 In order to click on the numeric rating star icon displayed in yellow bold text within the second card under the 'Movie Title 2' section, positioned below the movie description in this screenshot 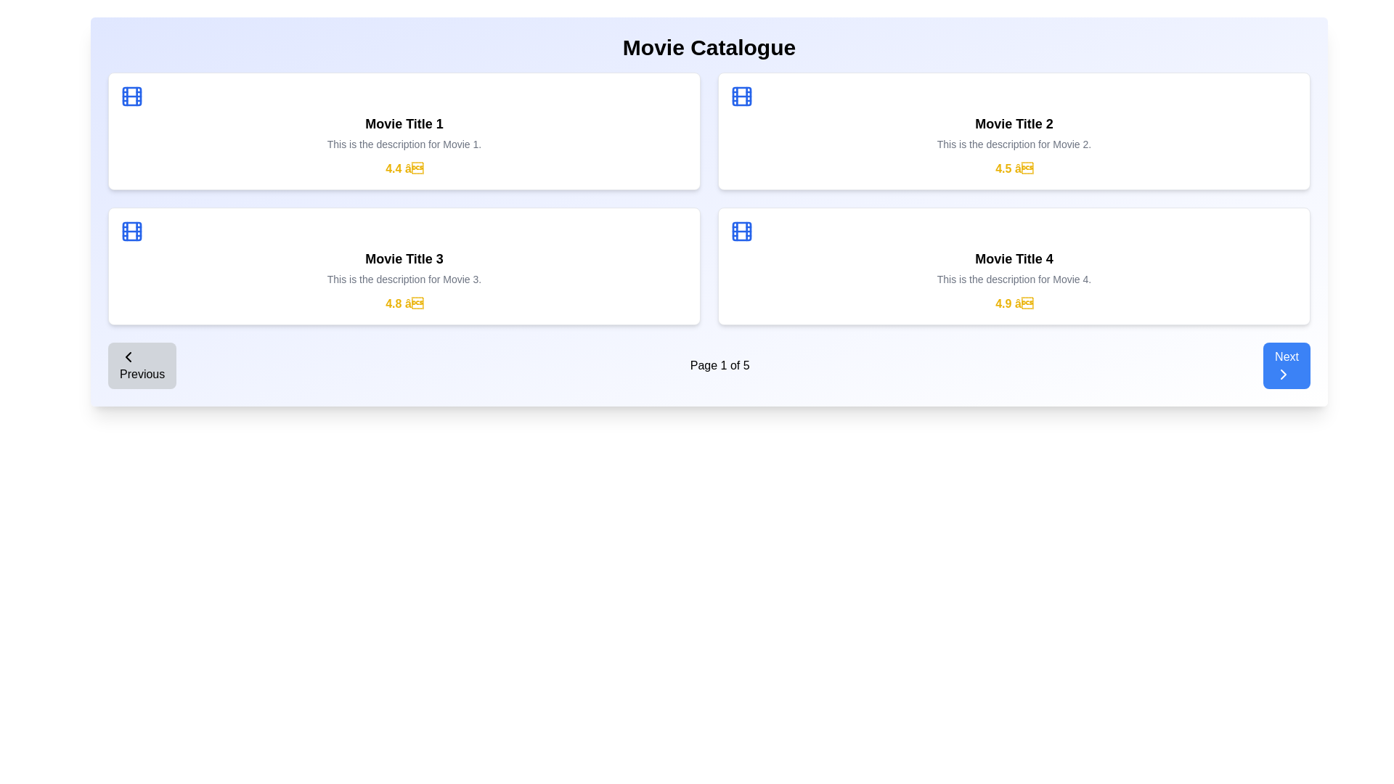, I will do `click(1013, 168)`.